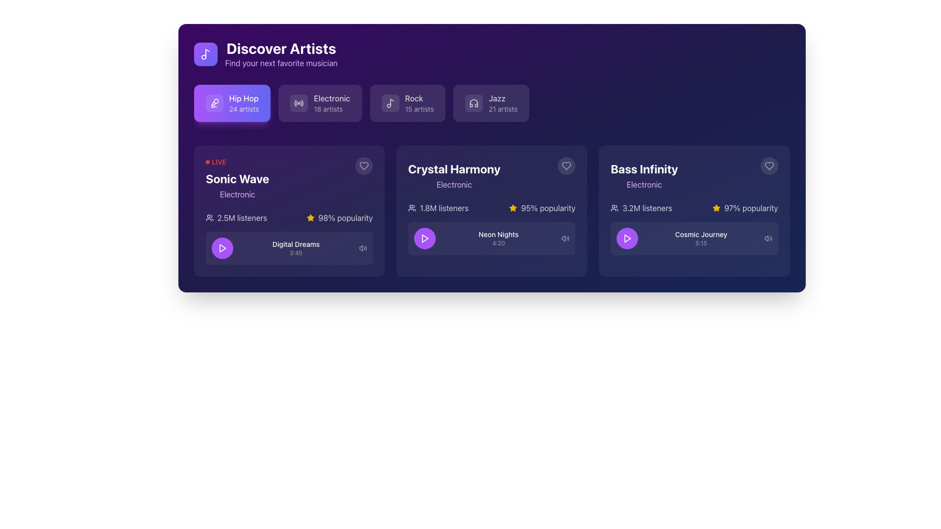 This screenshot has height=529, width=941. I want to click on the 'LIVE' text label, so click(218, 162).